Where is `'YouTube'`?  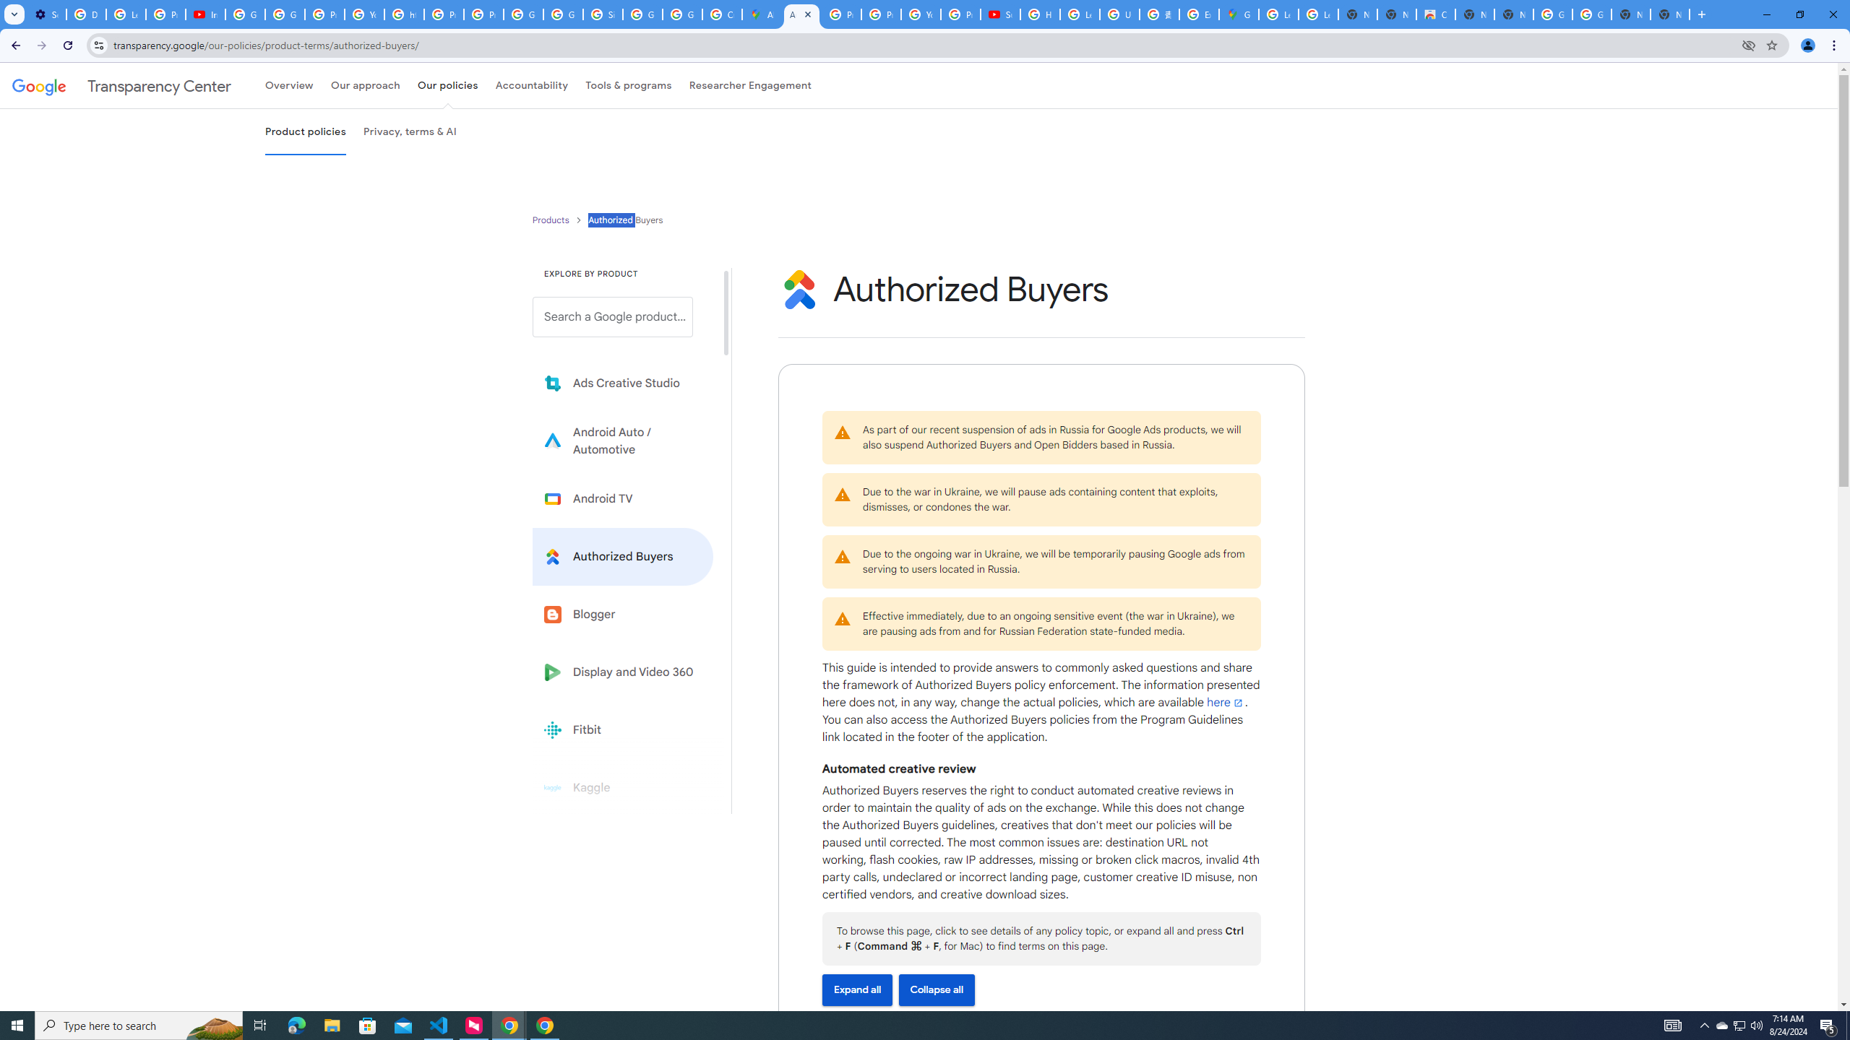
'YouTube' is located at coordinates (920, 14).